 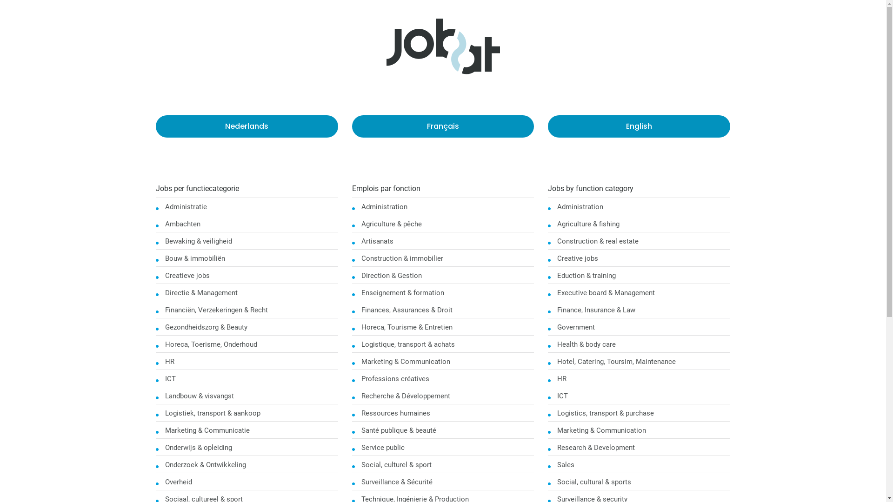 What do you see at coordinates (396, 464) in the screenshot?
I see `'Social, culturel & sport'` at bounding box center [396, 464].